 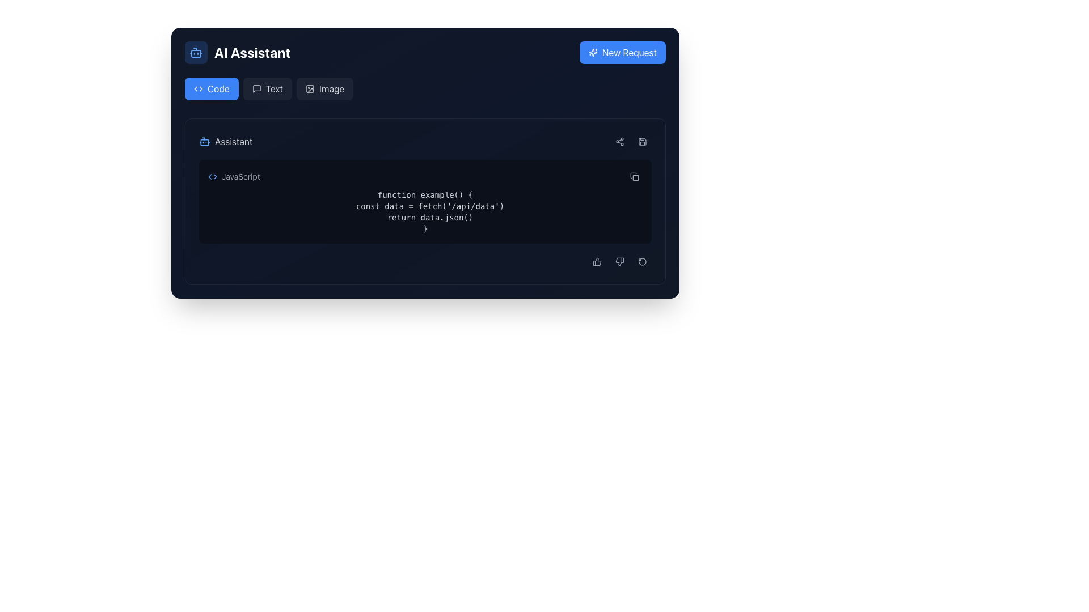 What do you see at coordinates (619, 262) in the screenshot?
I see `the interactive button featuring a grayish 'thumbs-down' icon with rounded corners to register a reaction` at bounding box center [619, 262].